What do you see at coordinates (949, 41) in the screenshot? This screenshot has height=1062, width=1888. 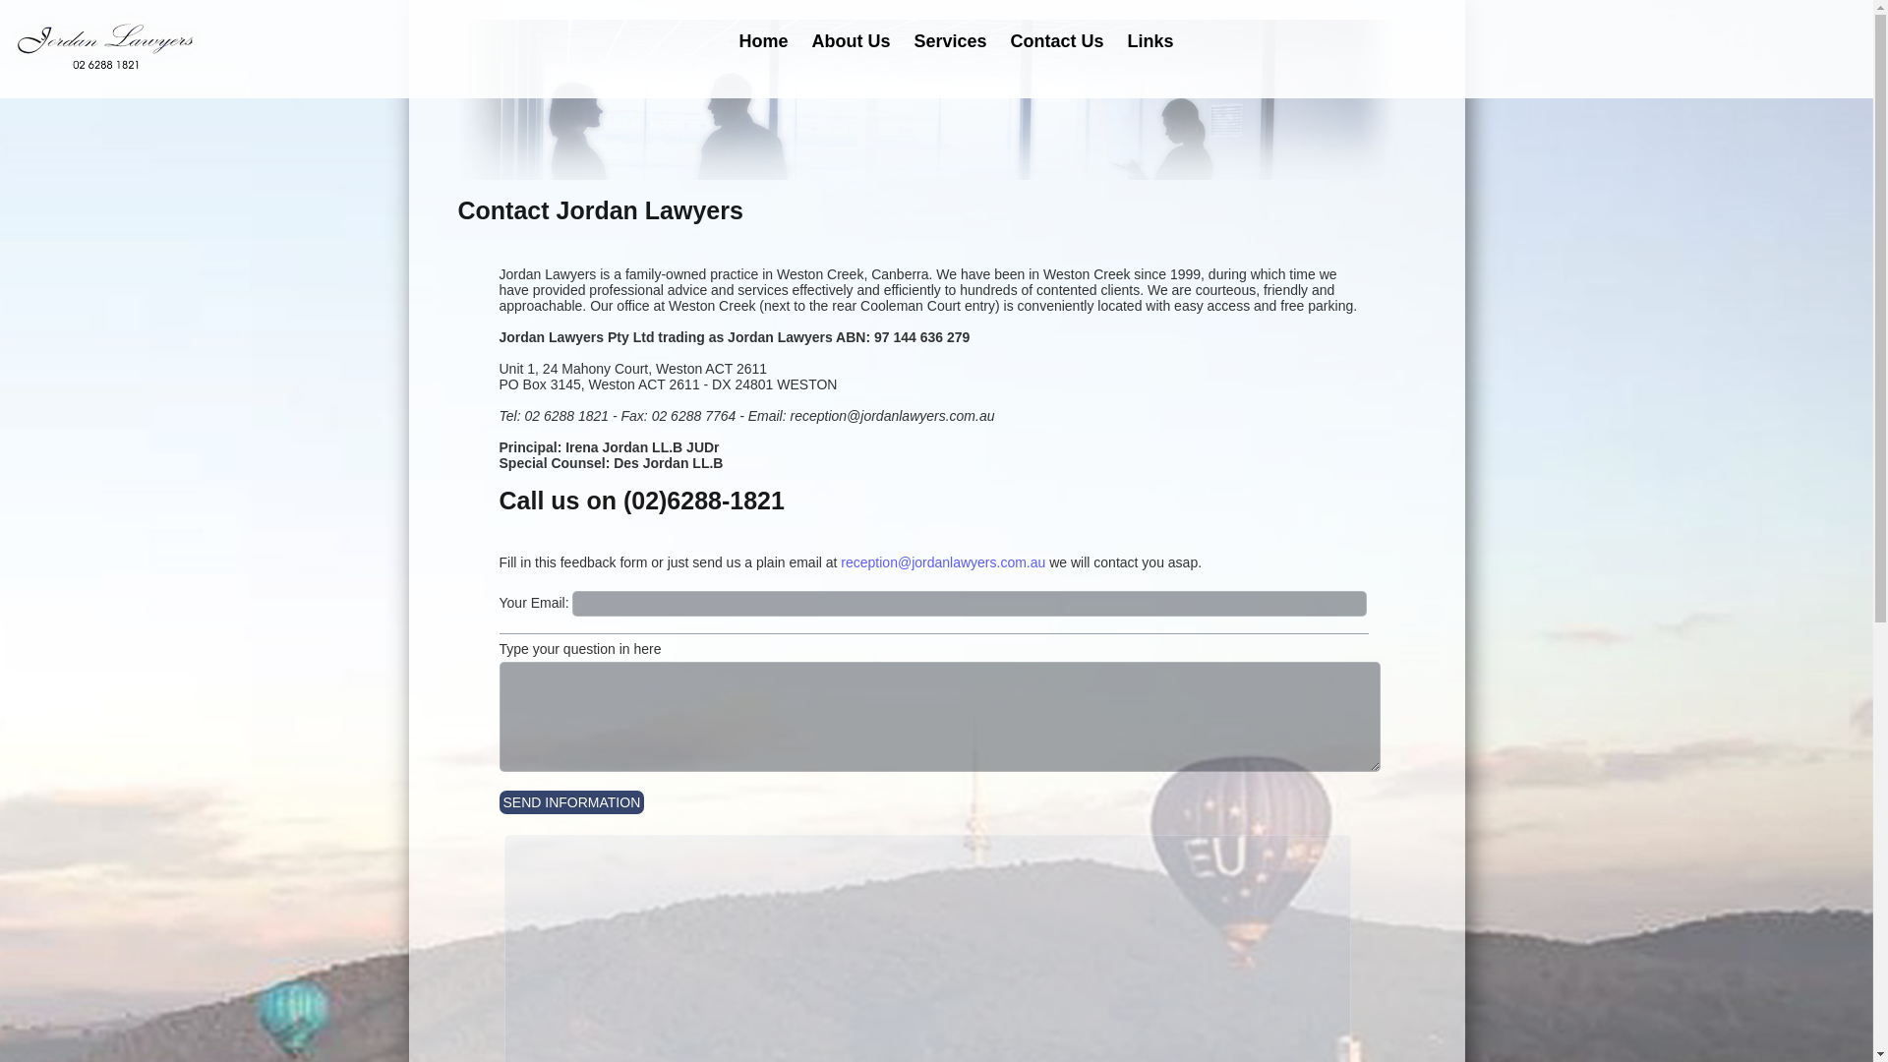 I see `'Services'` at bounding box center [949, 41].